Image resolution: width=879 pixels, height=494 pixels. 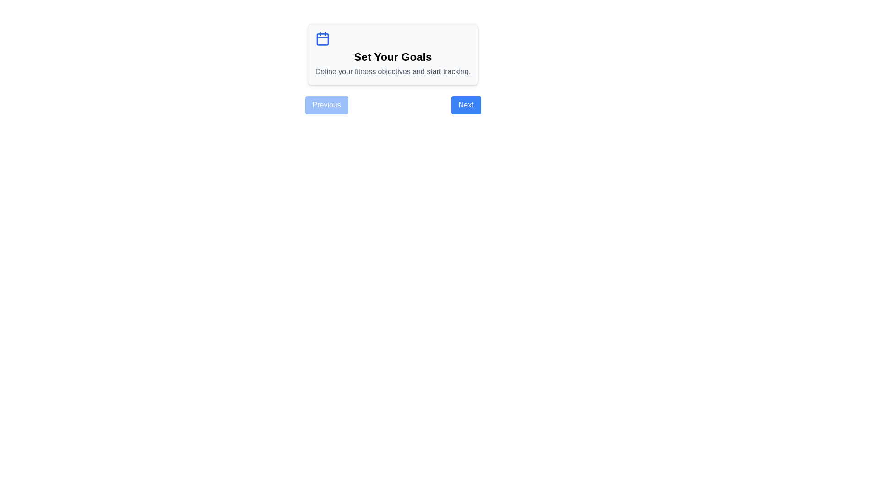 I want to click on the text label that reads 'Define your fitness objectives and start tracking.', which is styled in light gray and positioned beneath the heading 'Set Your Goals', so click(x=393, y=71).